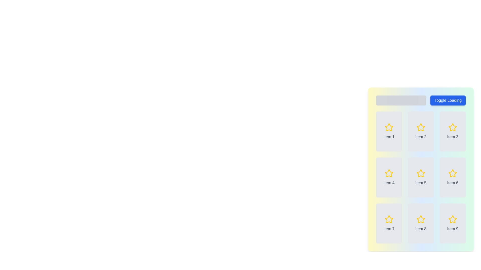  I want to click on text of the Text Label displaying 'Item 7', which is styled in medium weight and gray color, located in the first column of the grid under a yellow star icon, so click(389, 229).